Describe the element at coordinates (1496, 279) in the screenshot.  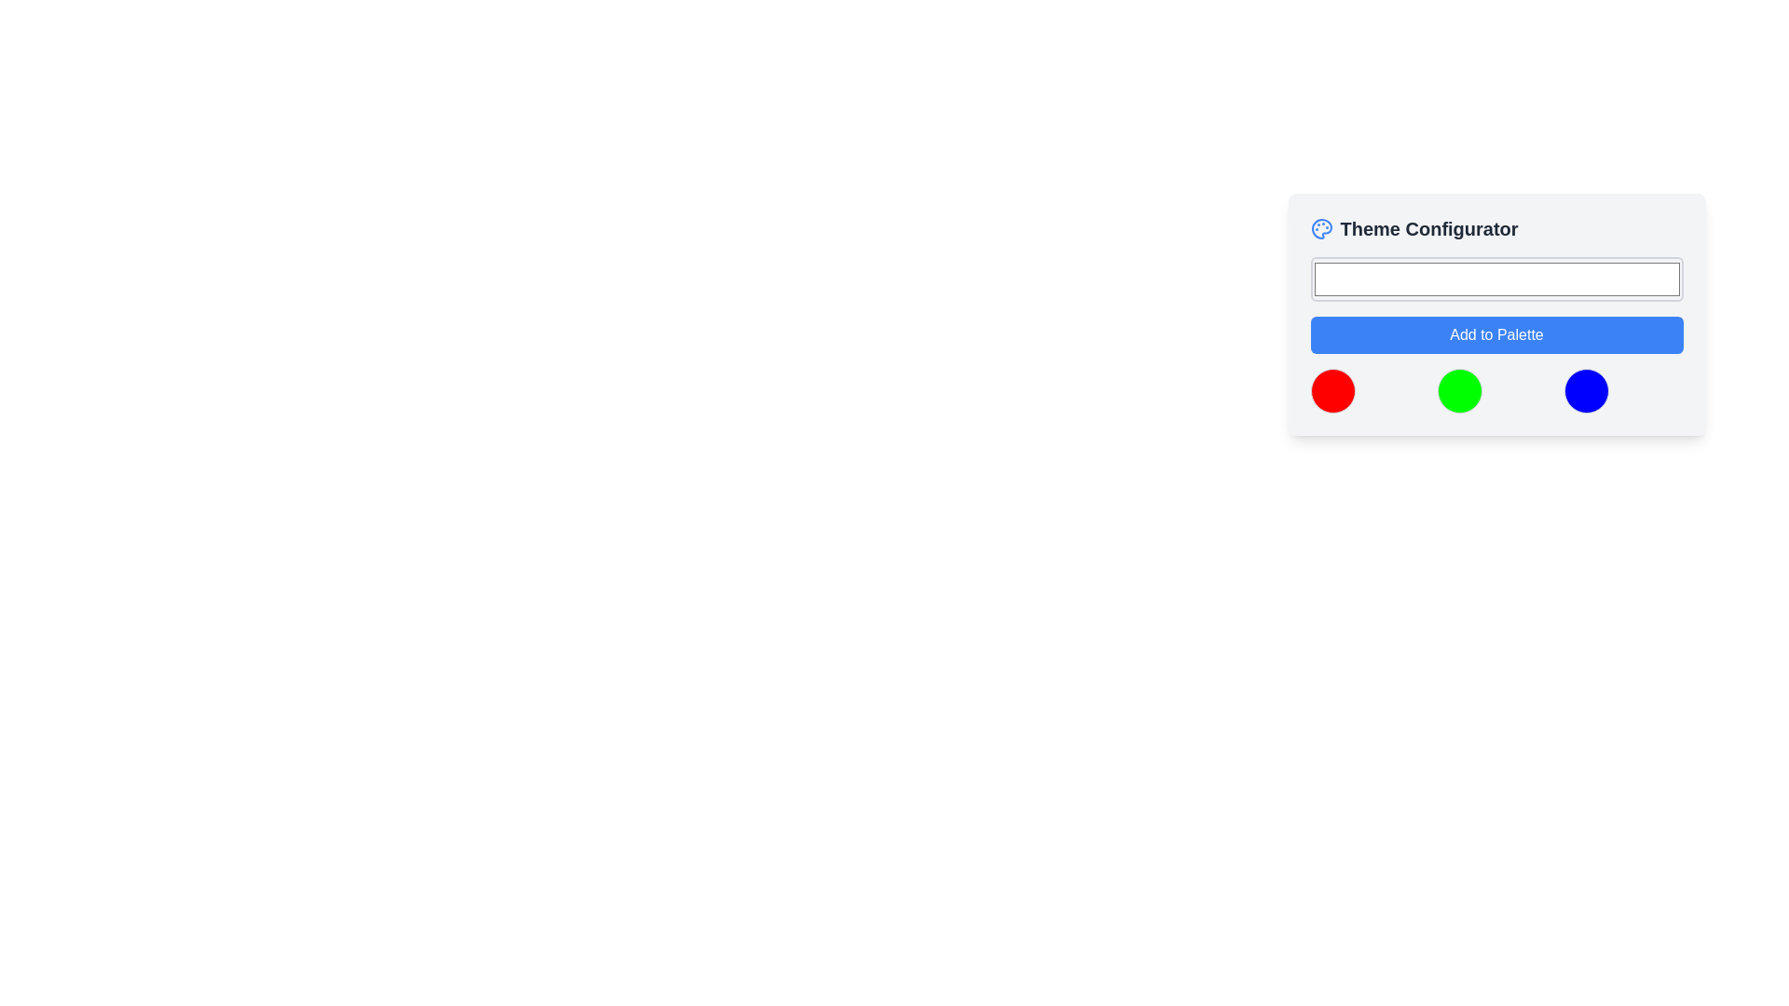
I see `a color in the Color Picker Input Field located below the 'Theme Configurator' text` at that location.